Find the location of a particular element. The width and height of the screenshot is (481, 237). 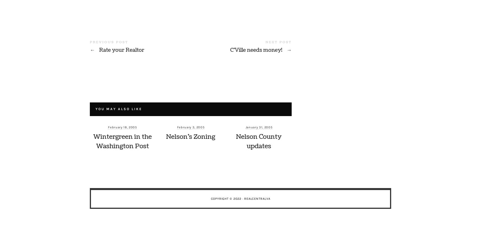

'February 3, 2005' is located at coordinates (190, 127).